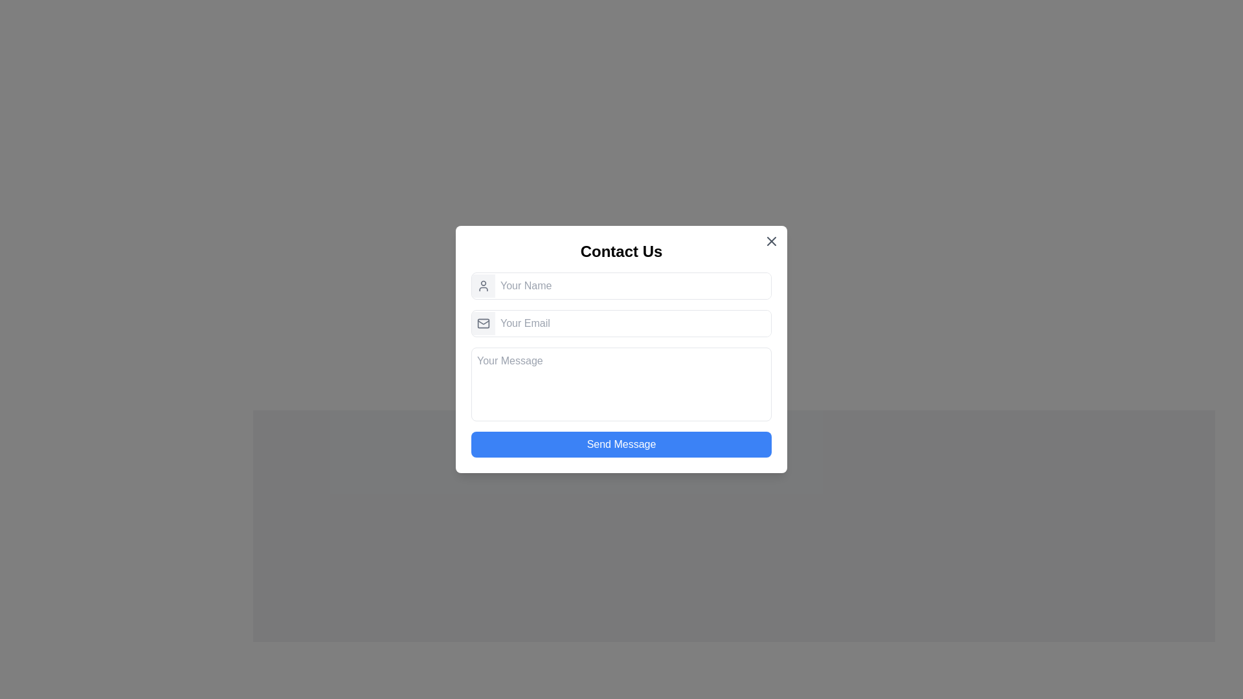 The width and height of the screenshot is (1243, 699). What do you see at coordinates (621, 323) in the screenshot?
I see `the Email input field in the 'Contact Us' form section` at bounding box center [621, 323].